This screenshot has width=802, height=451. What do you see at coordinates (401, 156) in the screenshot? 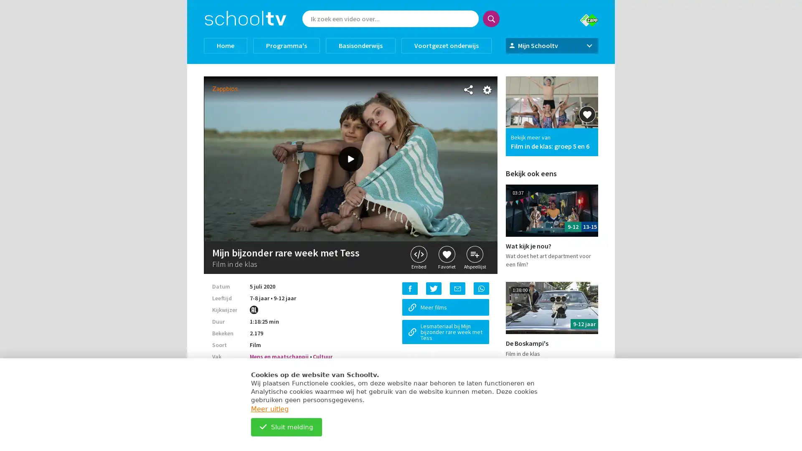
I see `Kopieer embedcode` at bounding box center [401, 156].